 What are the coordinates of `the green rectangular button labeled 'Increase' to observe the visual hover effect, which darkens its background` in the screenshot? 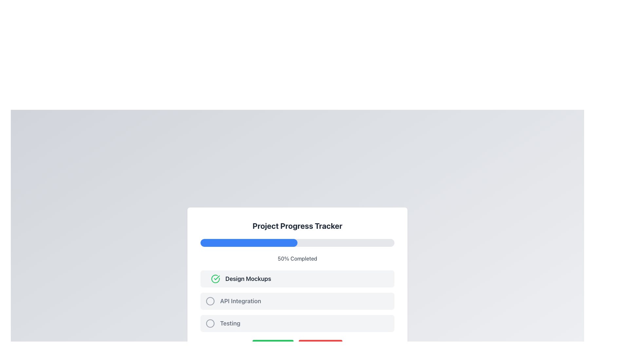 It's located at (273, 346).